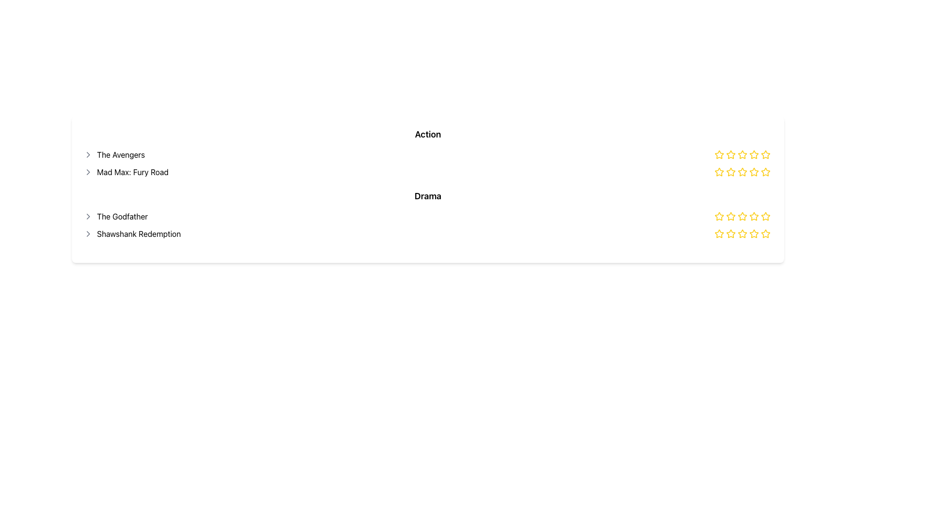 This screenshot has width=927, height=521. What do you see at coordinates (765, 154) in the screenshot?
I see `the fifth yellow star-shaped icon with a hollow center in the topmost row of the star rating system` at bounding box center [765, 154].